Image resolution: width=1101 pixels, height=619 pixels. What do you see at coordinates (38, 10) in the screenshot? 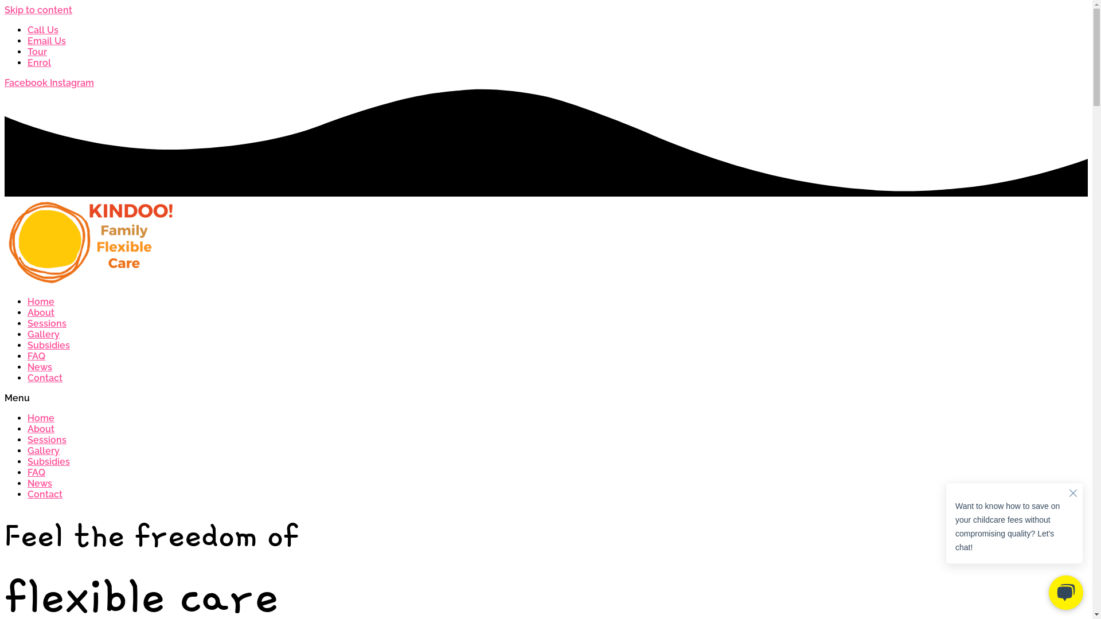
I see `'Skip to content'` at bounding box center [38, 10].